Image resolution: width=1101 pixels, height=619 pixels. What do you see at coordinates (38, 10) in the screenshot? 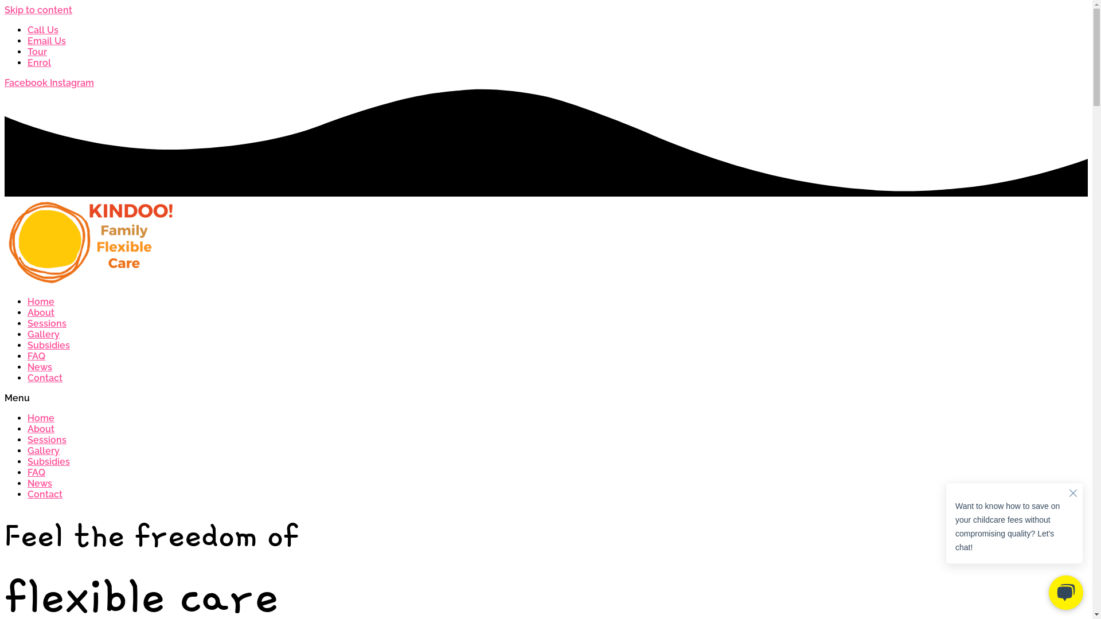
I see `'Skip to content'` at bounding box center [38, 10].